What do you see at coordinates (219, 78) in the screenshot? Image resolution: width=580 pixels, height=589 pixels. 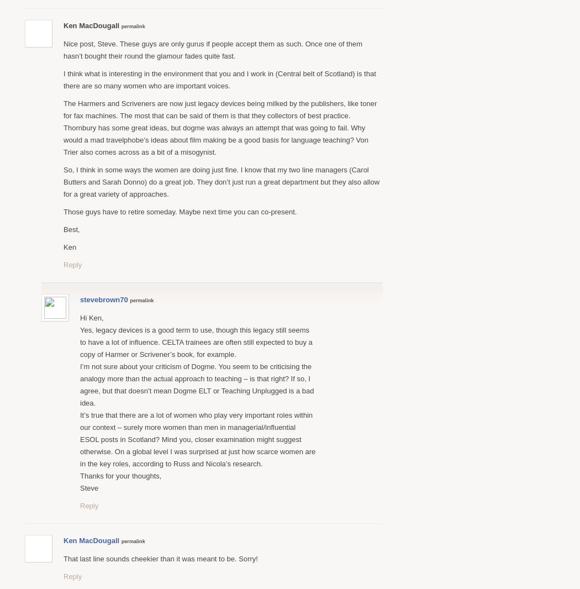 I see `'I think what is interesting in the environment that you and I work in (Central belt of Scotland) is that there are so many women who are important voices.'` at bounding box center [219, 78].